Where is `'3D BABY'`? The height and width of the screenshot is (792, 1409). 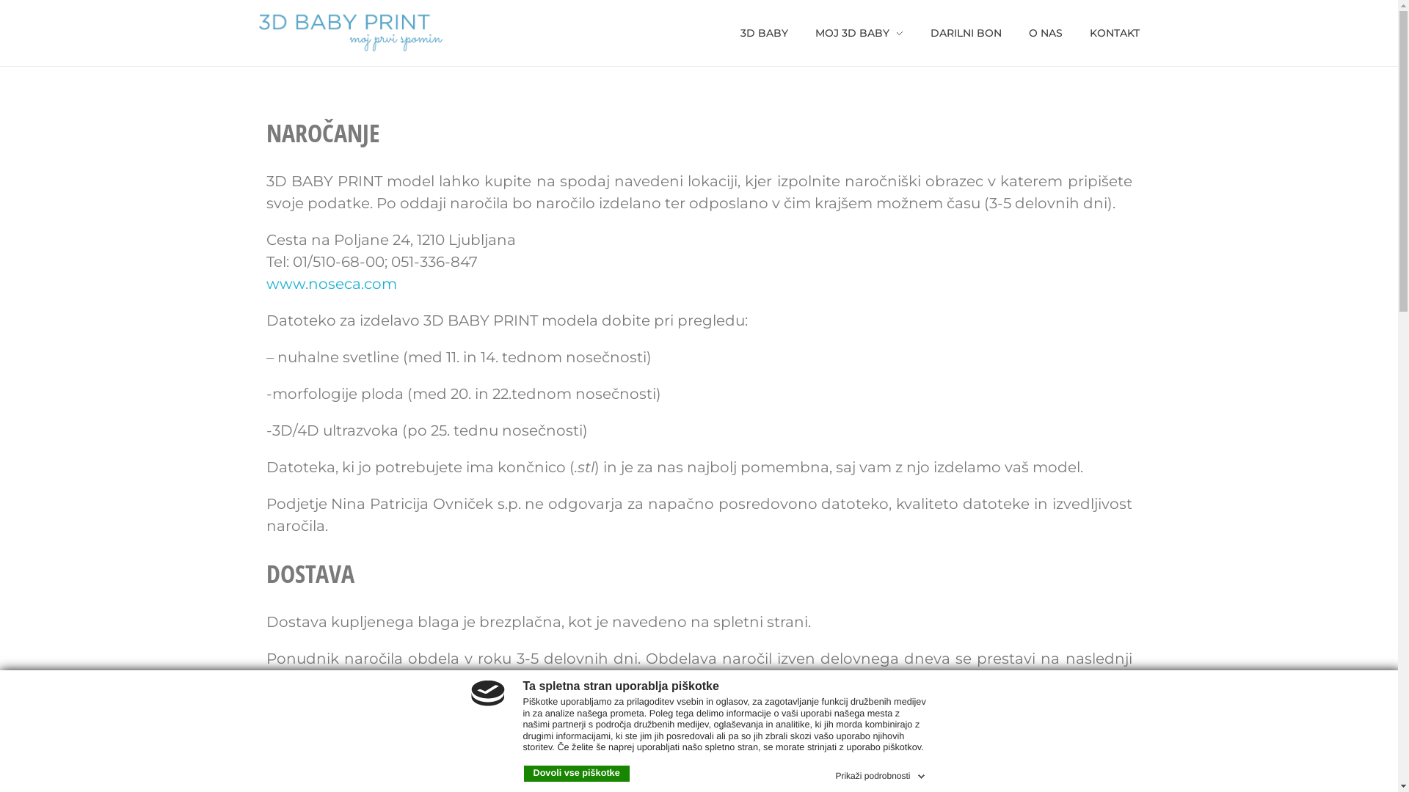 '3D BABY' is located at coordinates (770, 33).